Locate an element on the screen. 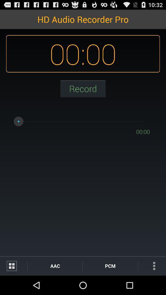 The image size is (166, 295). the icon to the right of the pcm is located at coordinates (152, 265).